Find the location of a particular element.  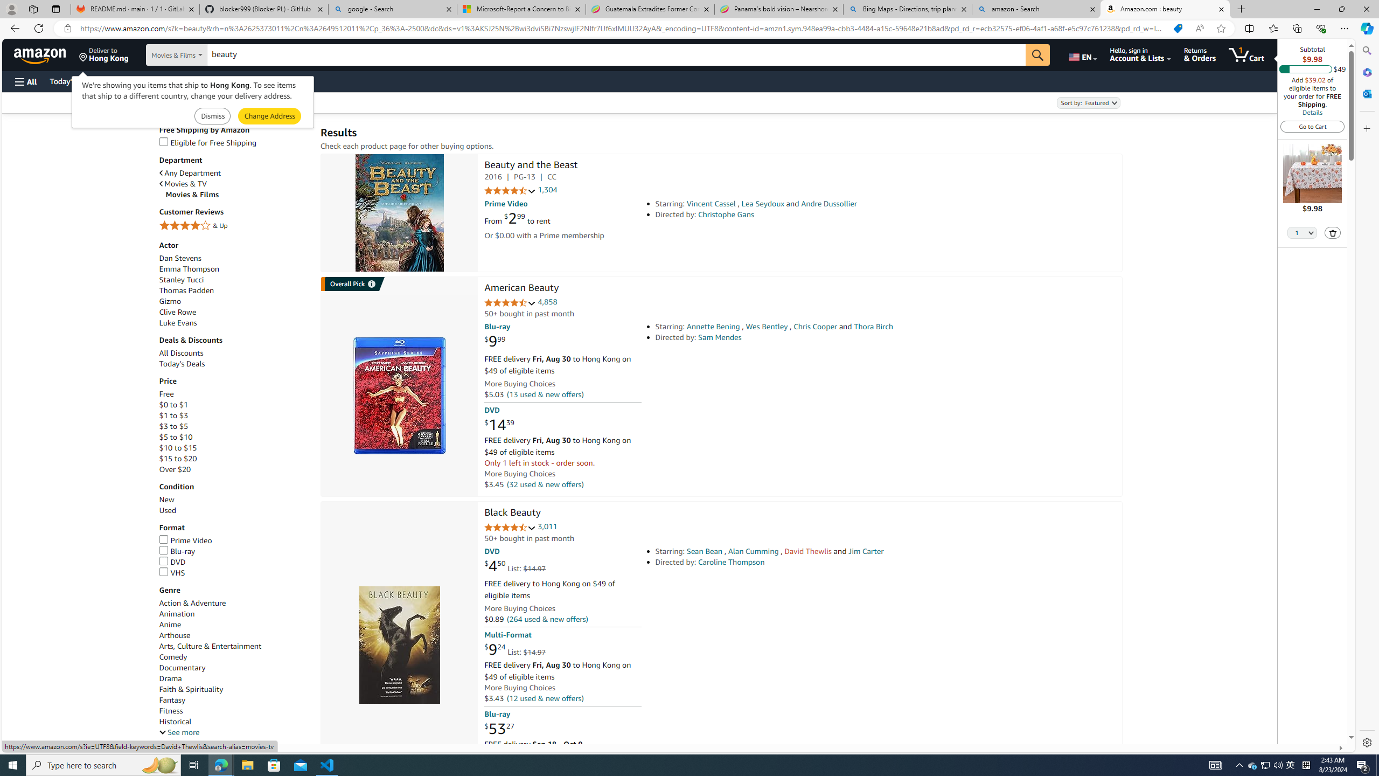

'google - Search' is located at coordinates (393, 9).